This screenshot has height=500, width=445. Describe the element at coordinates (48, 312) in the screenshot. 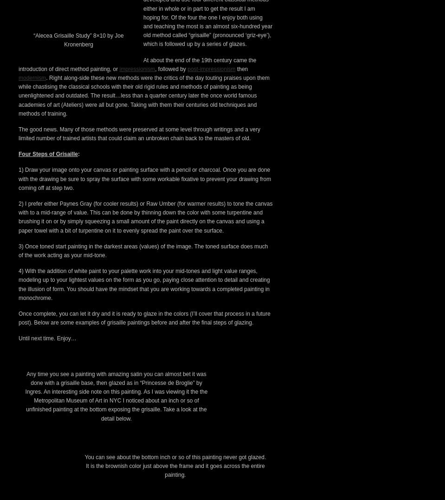

I see `'Four Steps of Grisaille'` at that location.